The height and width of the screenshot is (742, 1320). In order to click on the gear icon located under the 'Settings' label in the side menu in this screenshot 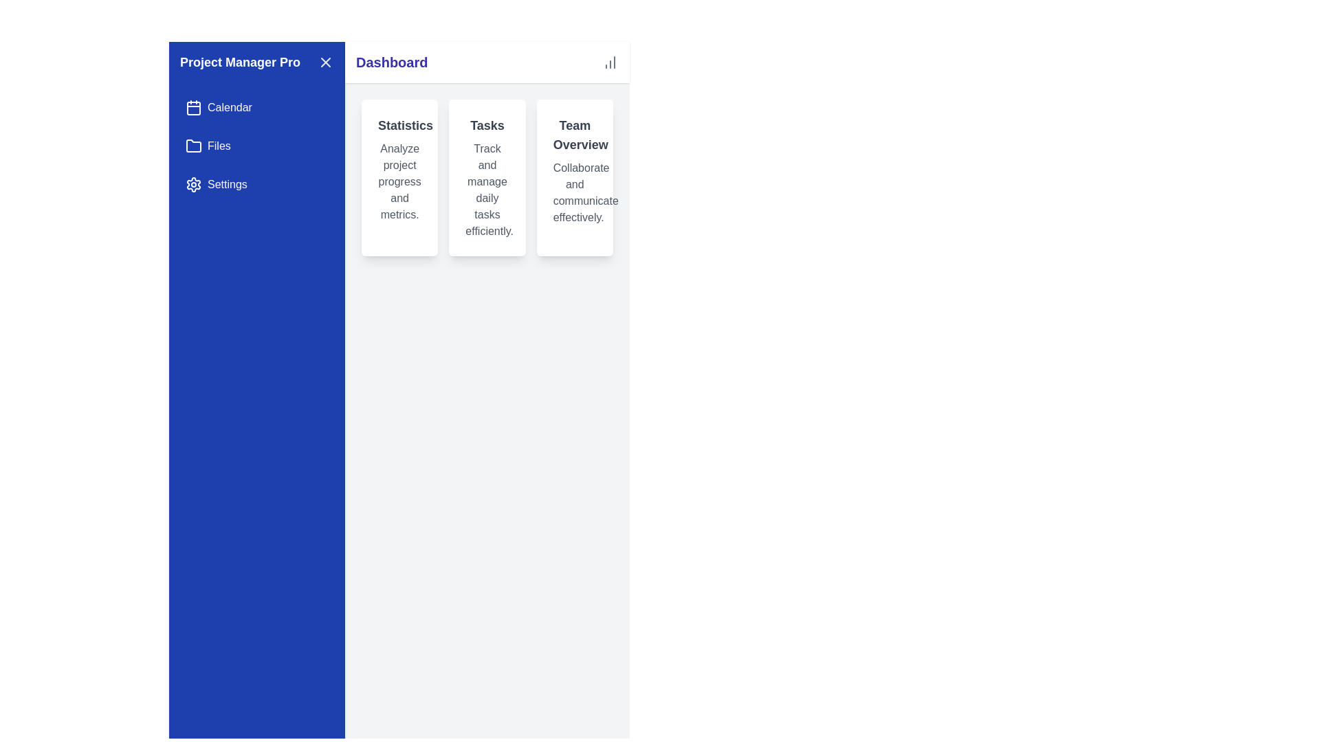, I will do `click(193, 184)`.